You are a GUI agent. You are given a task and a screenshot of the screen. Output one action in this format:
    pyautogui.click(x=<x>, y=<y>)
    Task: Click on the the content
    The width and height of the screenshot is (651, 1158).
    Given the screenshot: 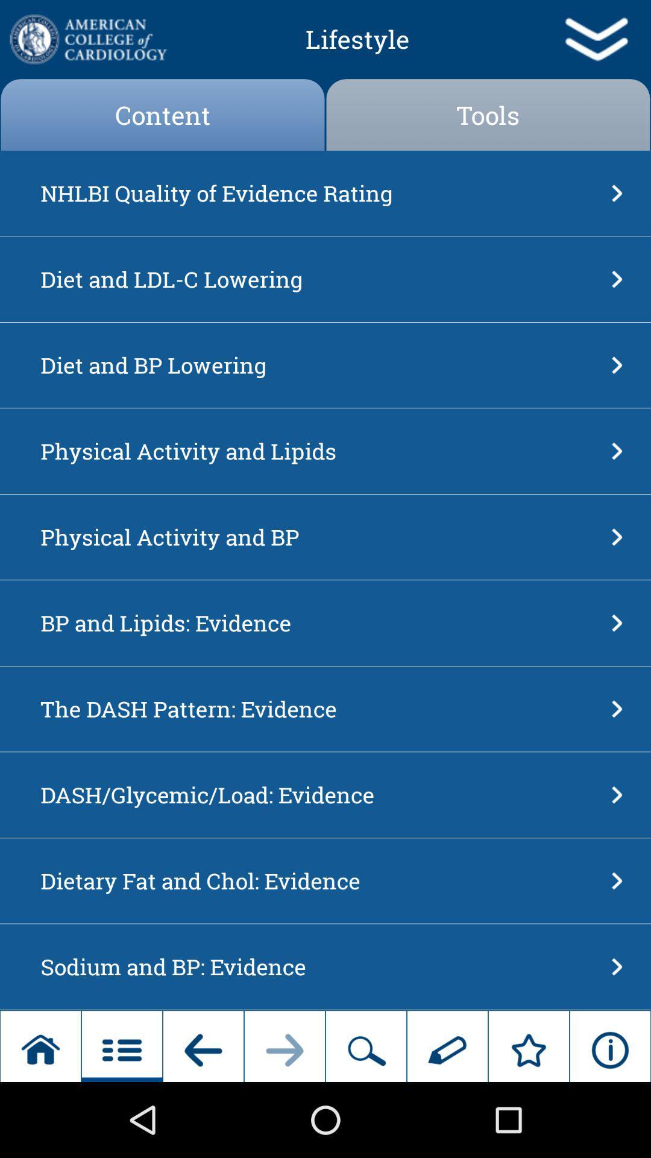 What is the action you would take?
    pyautogui.click(x=163, y=115)
    